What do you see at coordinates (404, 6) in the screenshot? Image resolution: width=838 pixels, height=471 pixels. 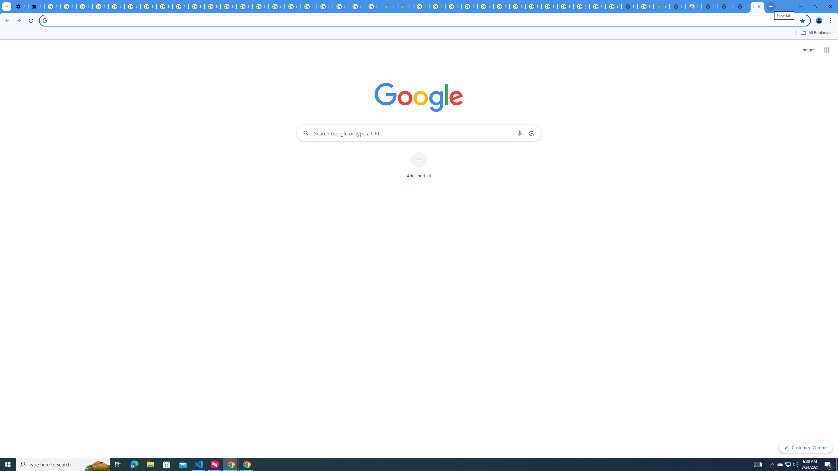 I see `'Google Maps'` at bounding box center [404, 6].